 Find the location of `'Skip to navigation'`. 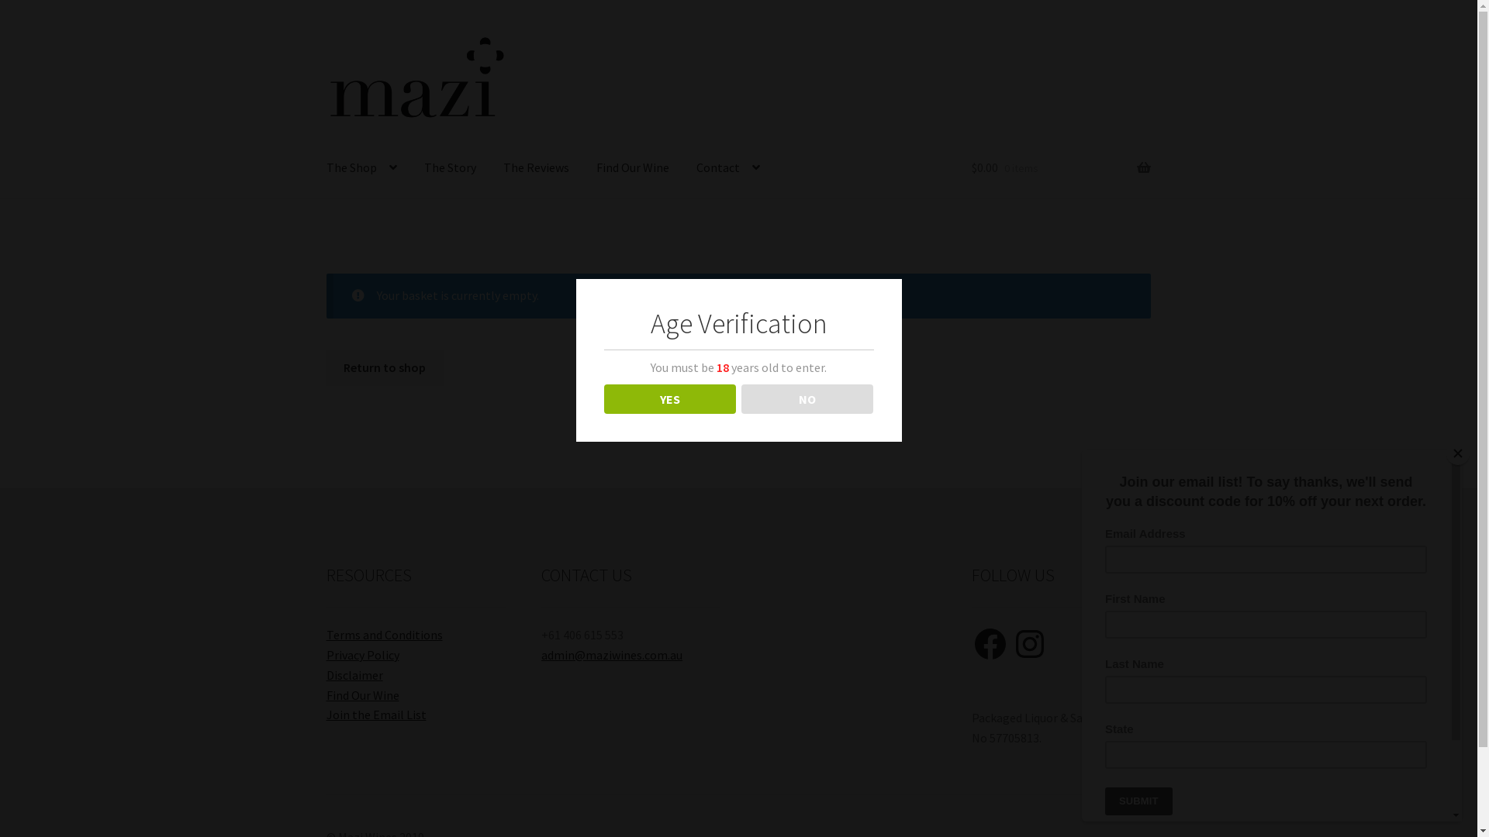

'Skip to navigation' is located at coordinates (325, 32).